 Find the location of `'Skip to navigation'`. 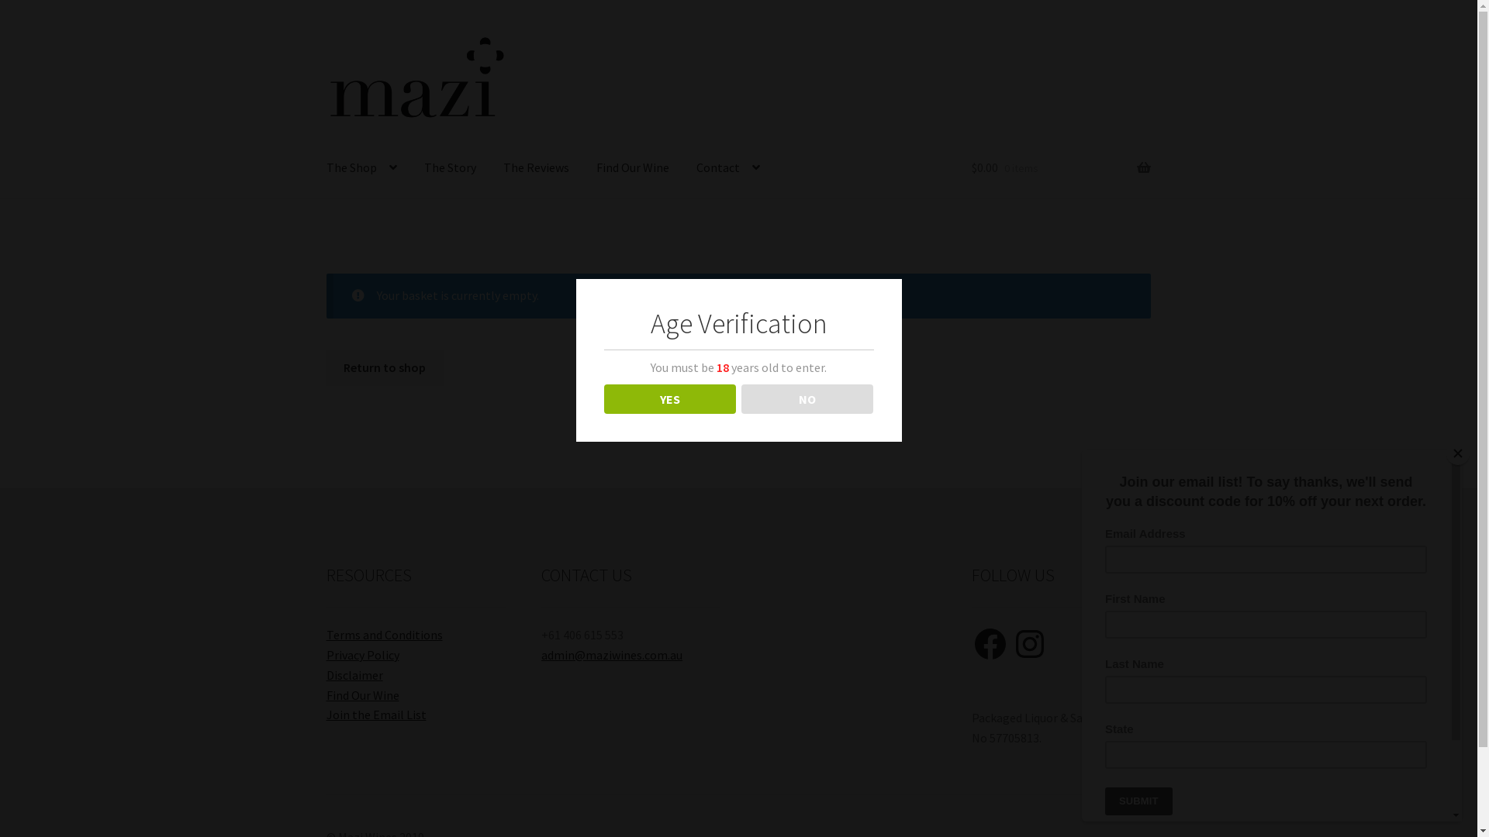

'Skip to navigation' is located at coordinates (325, 32).